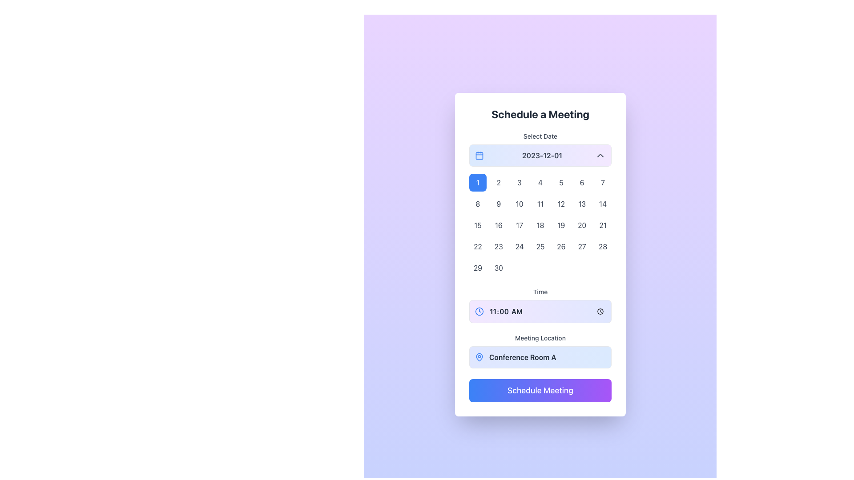 This screenshot has width=854, height=480. Describe the element at coordinates (477, 224) in the screenshot. I see `the selectable day button for the 15th of the month in the calendar interface to interact with it` at that location.